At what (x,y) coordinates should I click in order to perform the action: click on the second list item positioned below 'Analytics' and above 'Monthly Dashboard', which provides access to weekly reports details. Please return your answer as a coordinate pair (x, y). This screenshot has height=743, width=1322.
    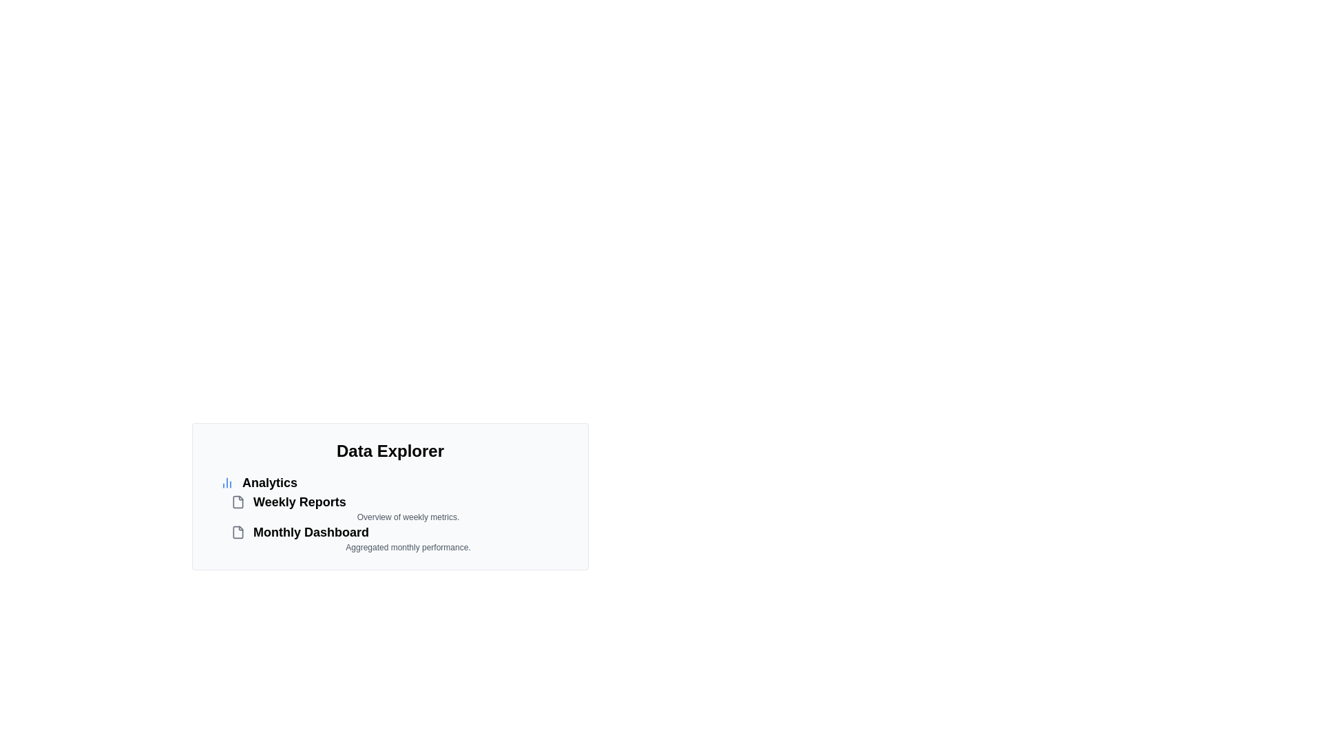
    Looking at the image, I should click on (400, 507).